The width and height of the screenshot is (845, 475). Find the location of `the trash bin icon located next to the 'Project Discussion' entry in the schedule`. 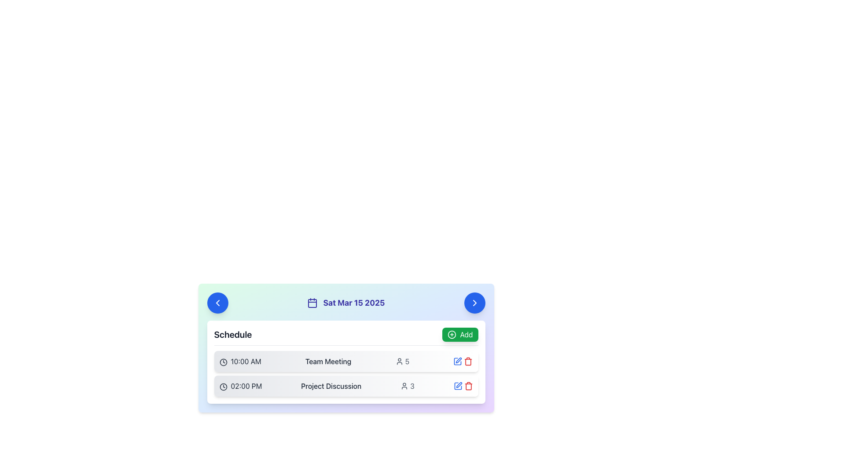

the trash bin icon located next to the 'Project Discussion' entry in the schedule is located at coordinates (468, 362).